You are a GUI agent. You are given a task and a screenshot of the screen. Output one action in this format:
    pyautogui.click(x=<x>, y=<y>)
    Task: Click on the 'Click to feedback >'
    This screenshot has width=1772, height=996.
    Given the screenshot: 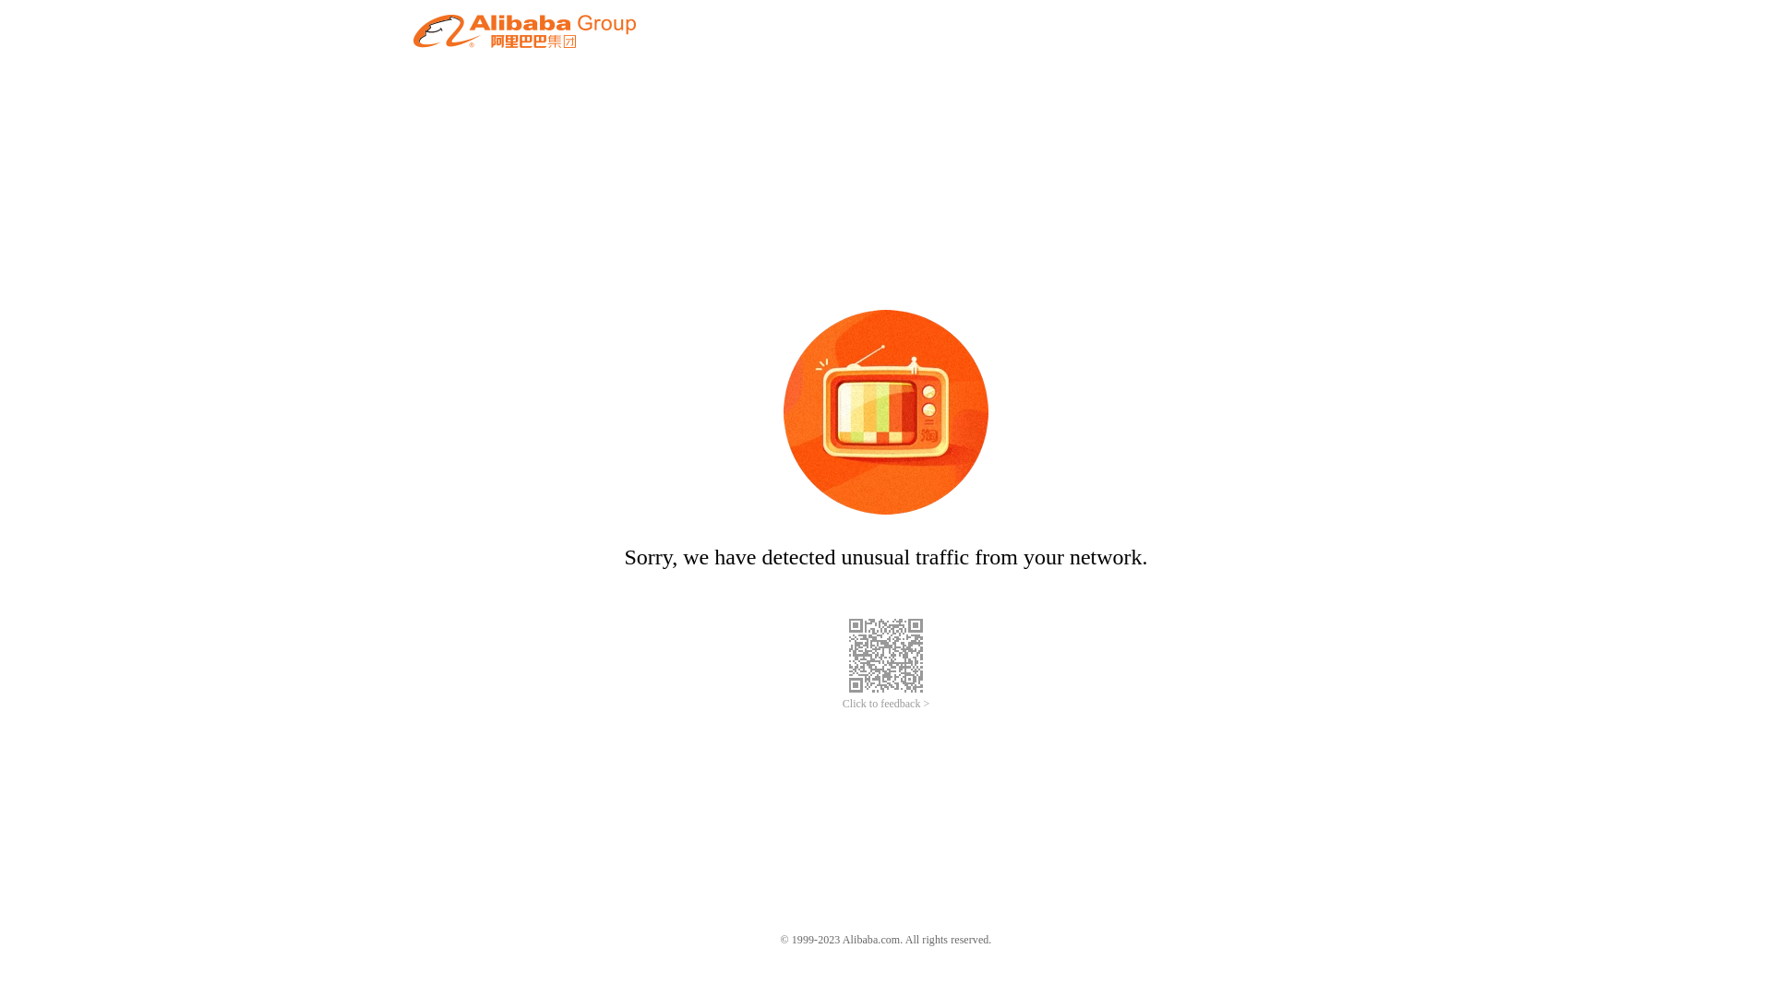 What is the action you would take?
    pyautogui.click(x=886, y=704)
    